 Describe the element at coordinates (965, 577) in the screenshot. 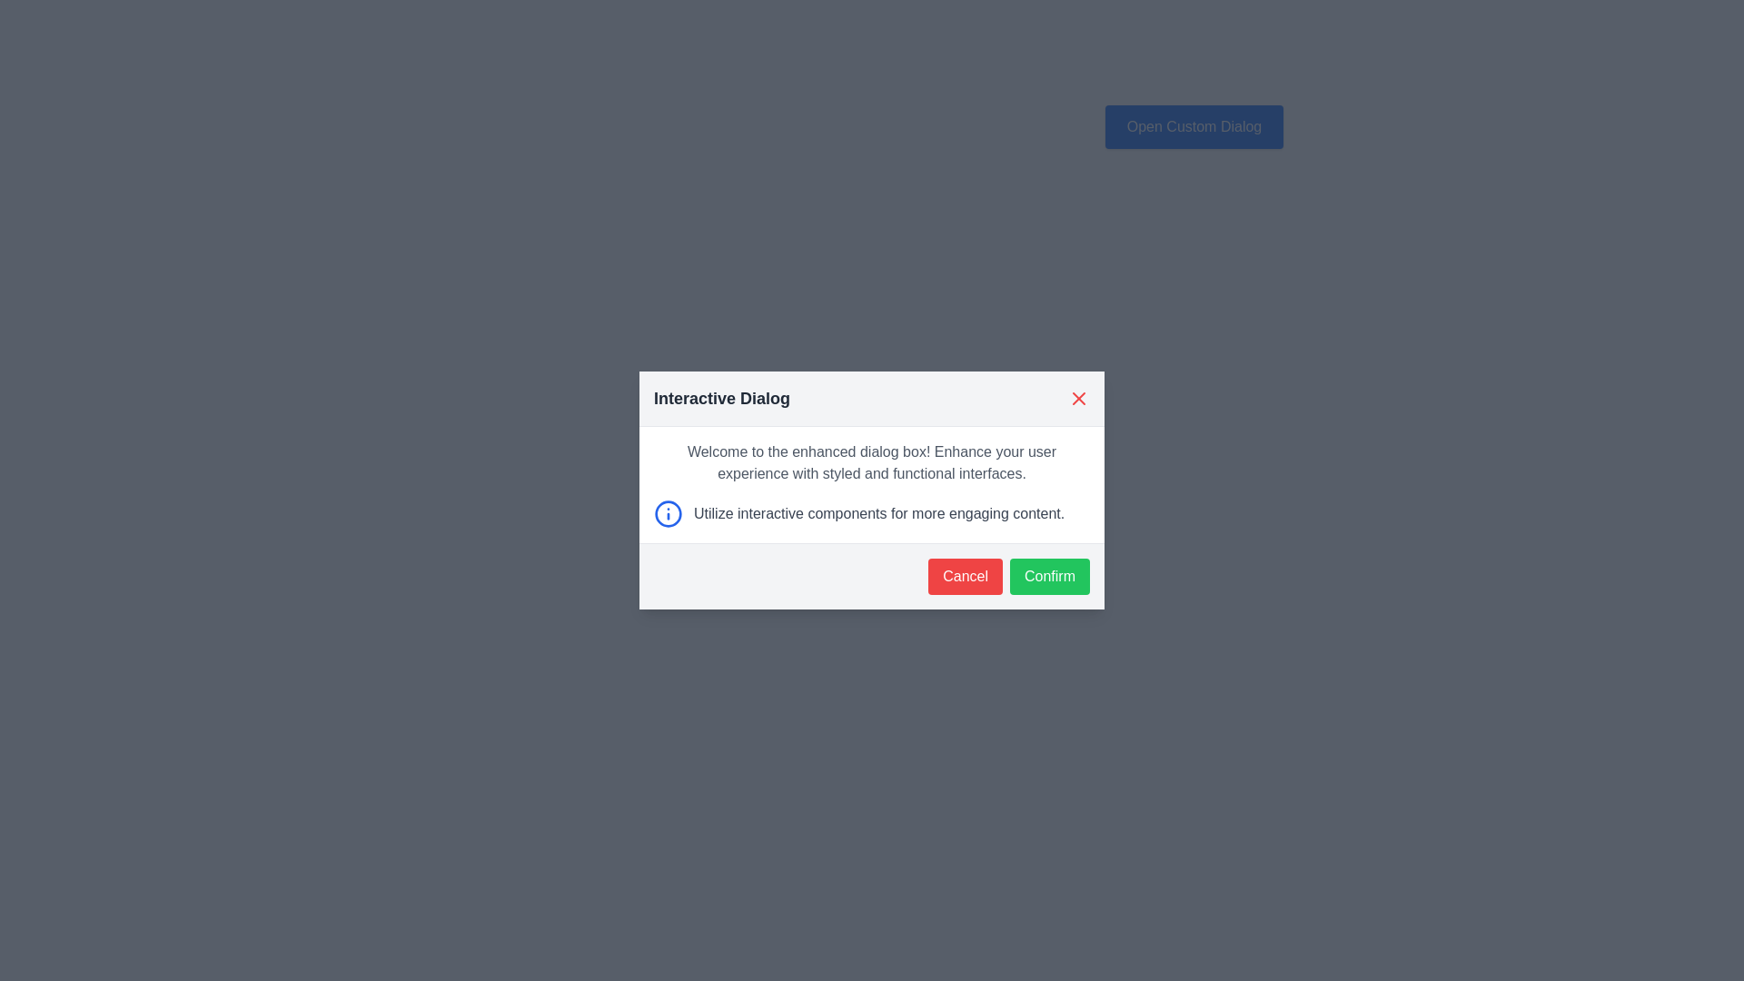

I see `the 'Cancel' button located at the bottom-right of the dialog box to observe its hover effect` at that location.